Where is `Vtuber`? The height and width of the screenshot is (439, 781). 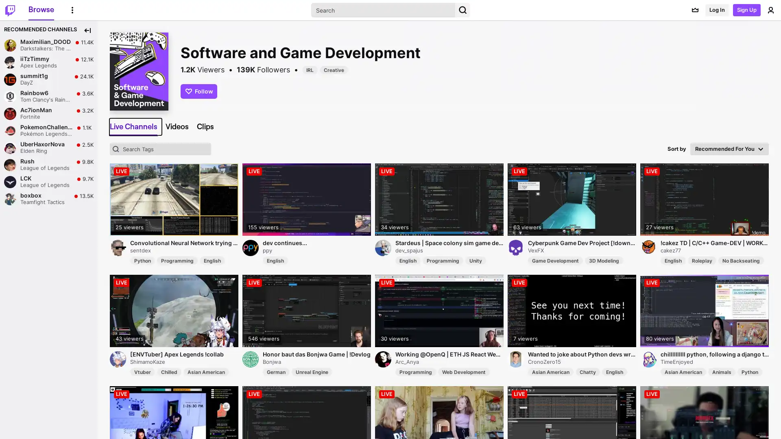
Vtuber is located at coordinates (142, 372).